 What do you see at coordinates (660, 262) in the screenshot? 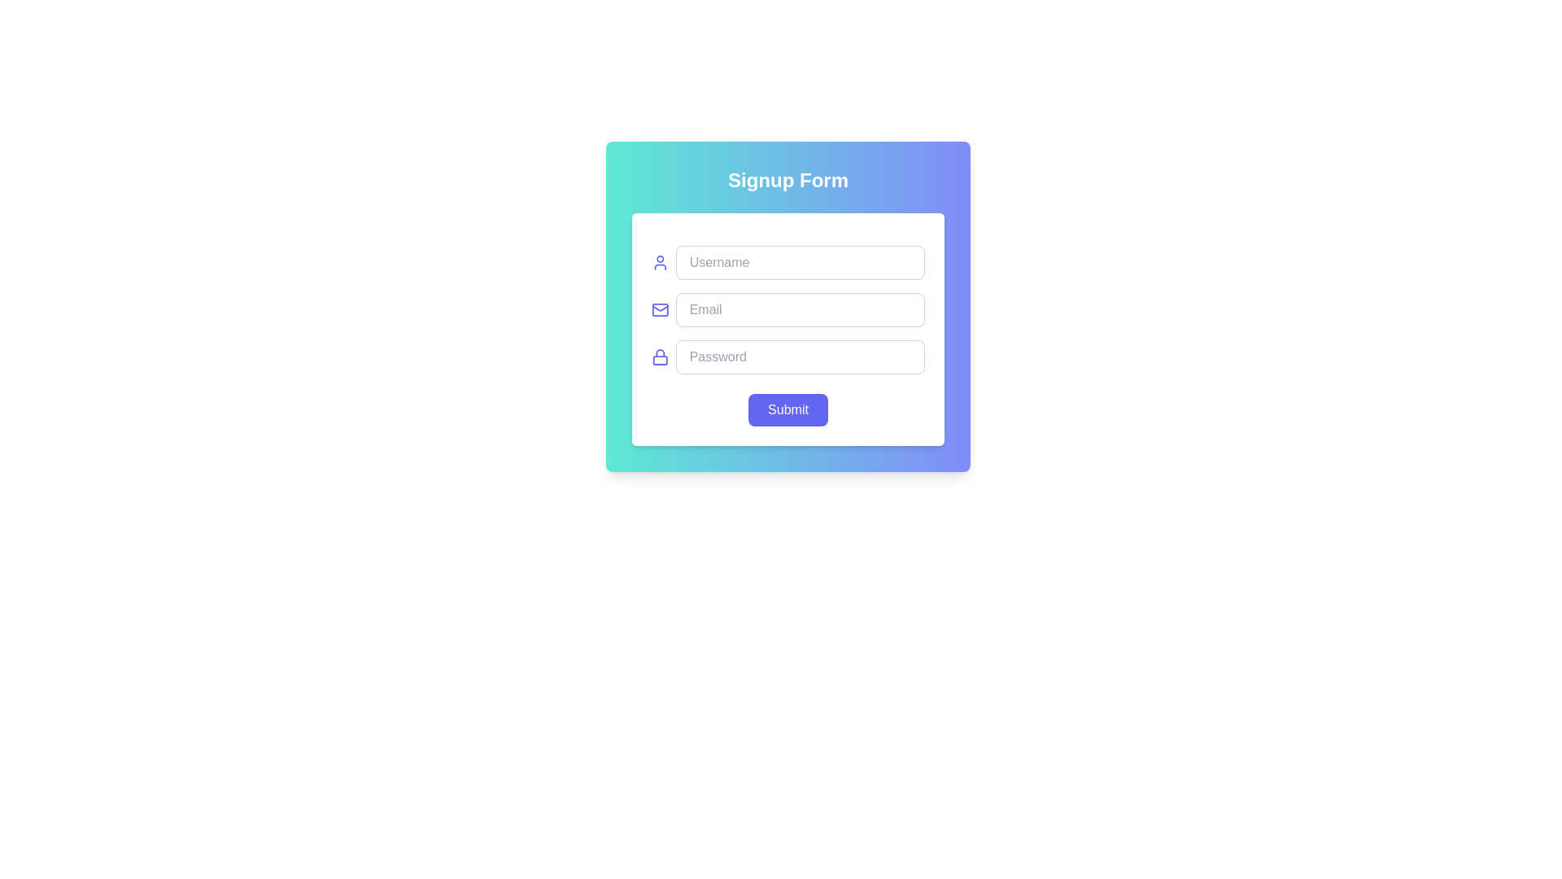
I see `the user silhouette icon, which is indigo in color and located next to the 'Username' text input field in the form` at bounding box center [660, 262].